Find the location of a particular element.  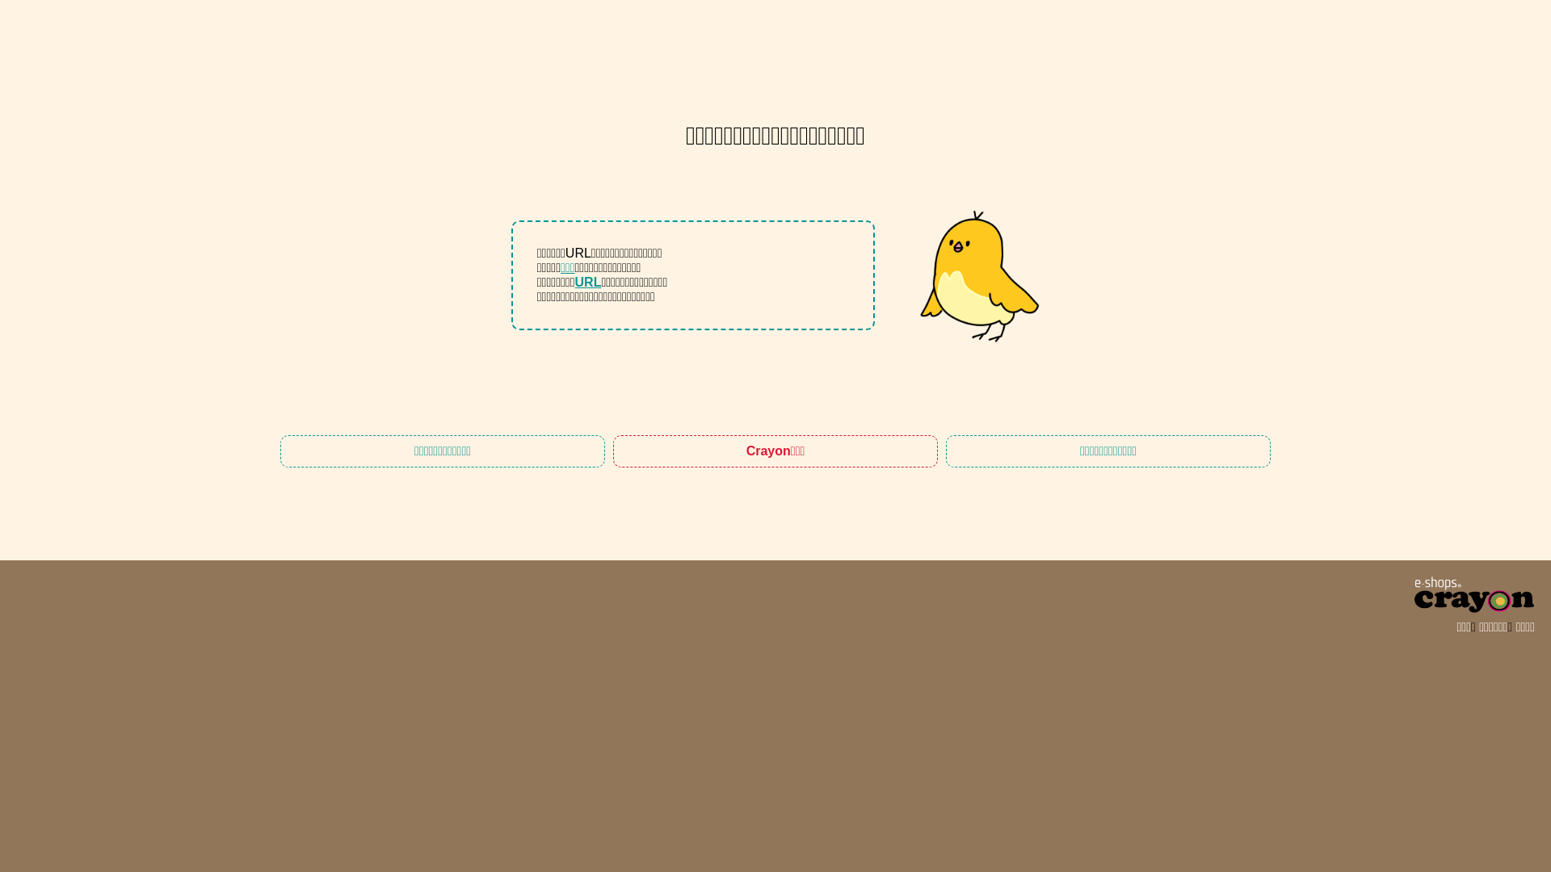

'URL' is located at coordinates (587, 281).